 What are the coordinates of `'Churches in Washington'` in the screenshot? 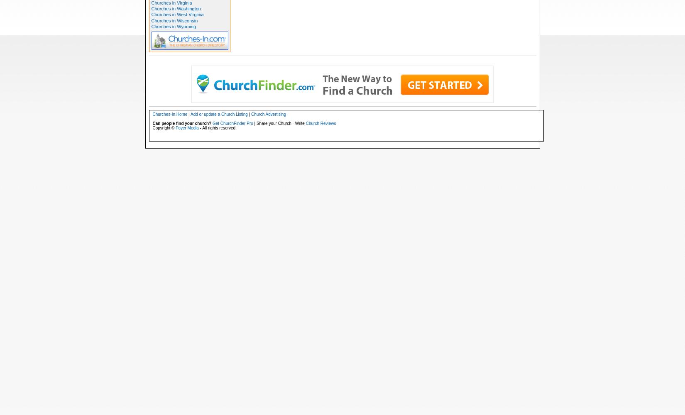 It's located at (175, 9).